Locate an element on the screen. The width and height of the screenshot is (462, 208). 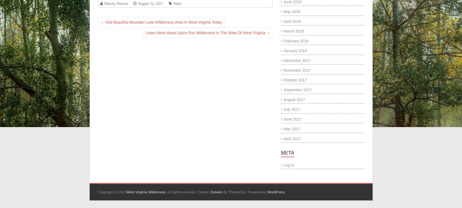
'.' is located at coordinates (284, 192).